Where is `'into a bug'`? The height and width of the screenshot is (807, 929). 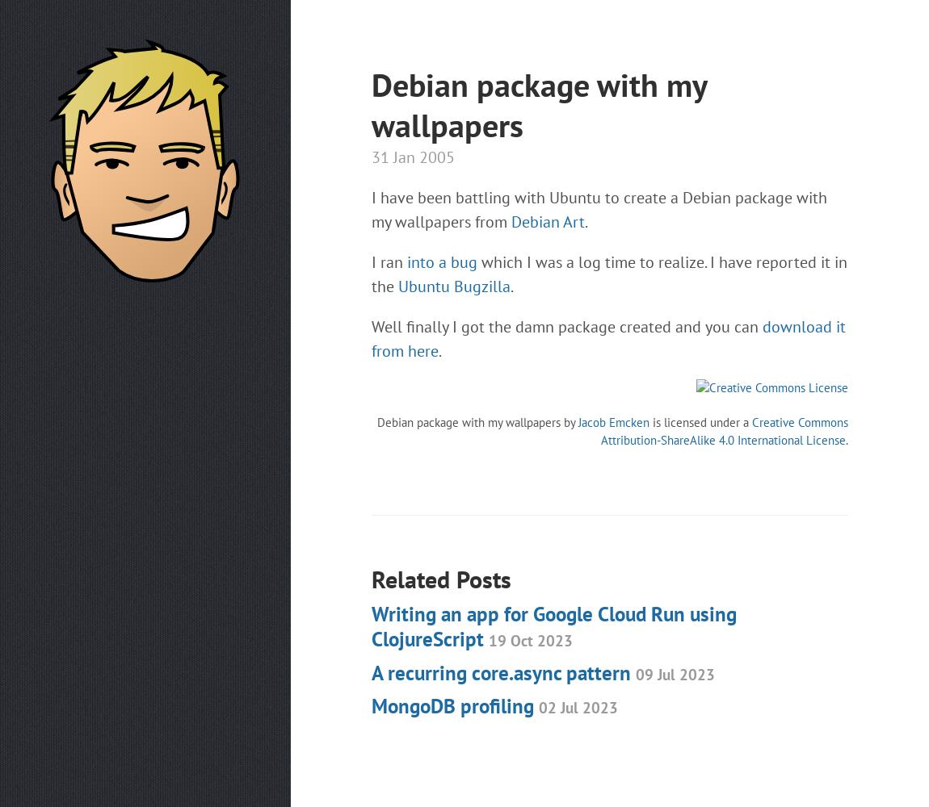 'into a bug' is located at coordinates (442, 261).